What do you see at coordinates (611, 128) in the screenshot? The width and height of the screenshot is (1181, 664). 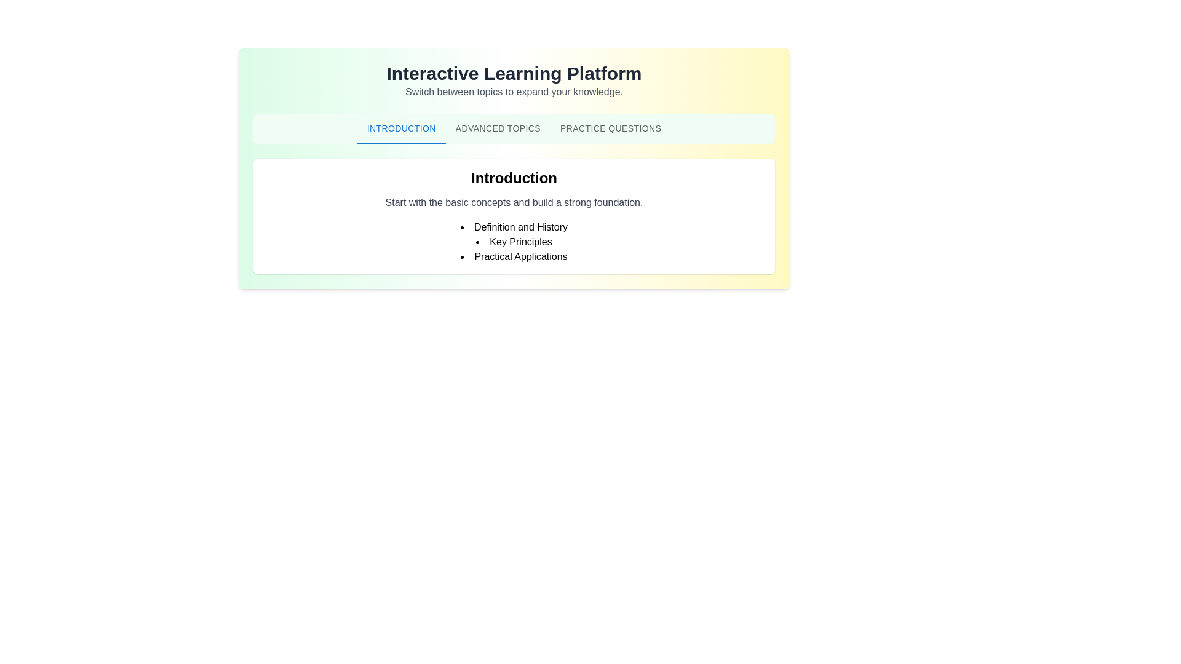 I see `the 'Practice Questions' tab located at the top-right of the interface` at bounding box center [611, 128].